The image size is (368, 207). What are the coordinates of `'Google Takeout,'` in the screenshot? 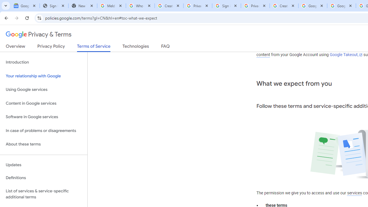 It's located at (346, 55).